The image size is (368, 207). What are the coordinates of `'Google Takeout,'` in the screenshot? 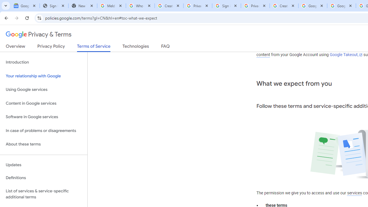 It's located at (346, 55).